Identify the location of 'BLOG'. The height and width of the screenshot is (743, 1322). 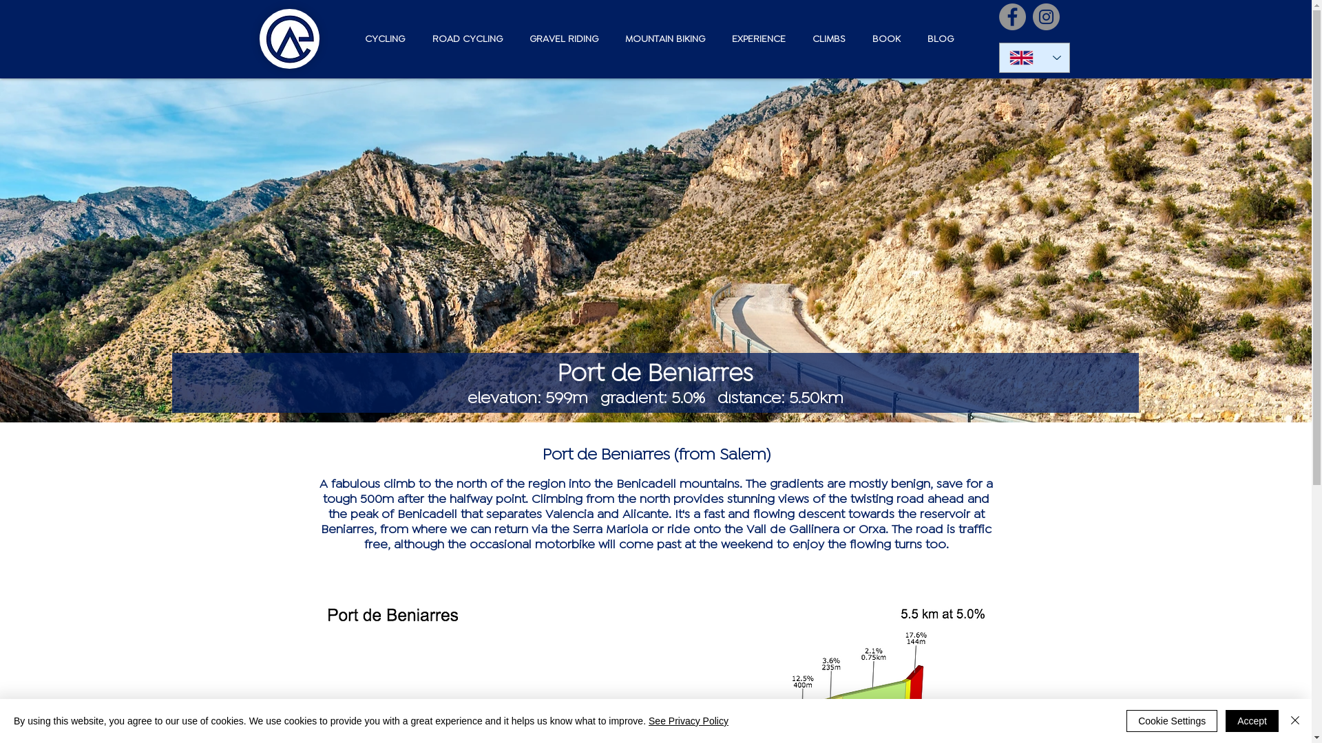
(910, 39).